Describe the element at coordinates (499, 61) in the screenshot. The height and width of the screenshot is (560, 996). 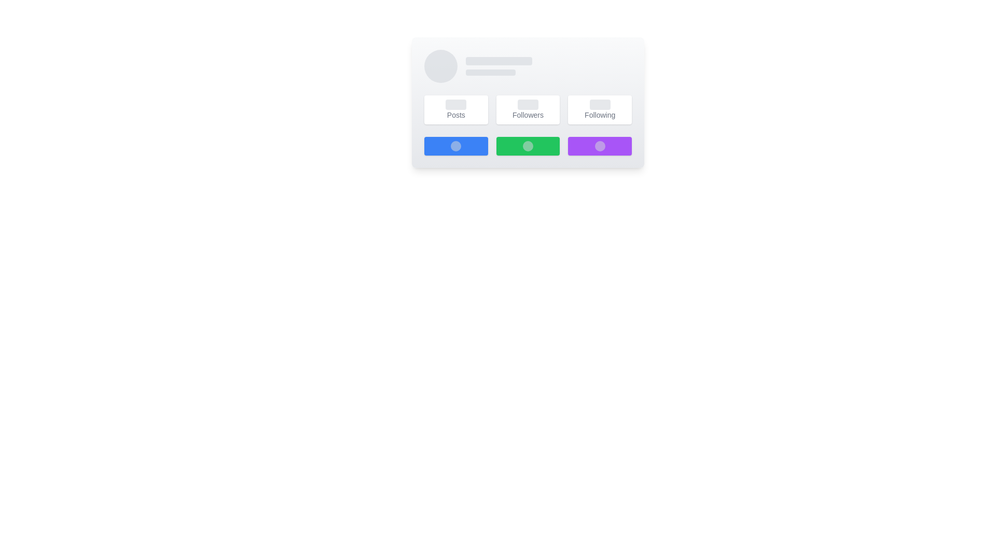
I see `the first placeholder bar, which serves as a loading indicator within a card layout, positioned above another similar placeholder bar` at that location.